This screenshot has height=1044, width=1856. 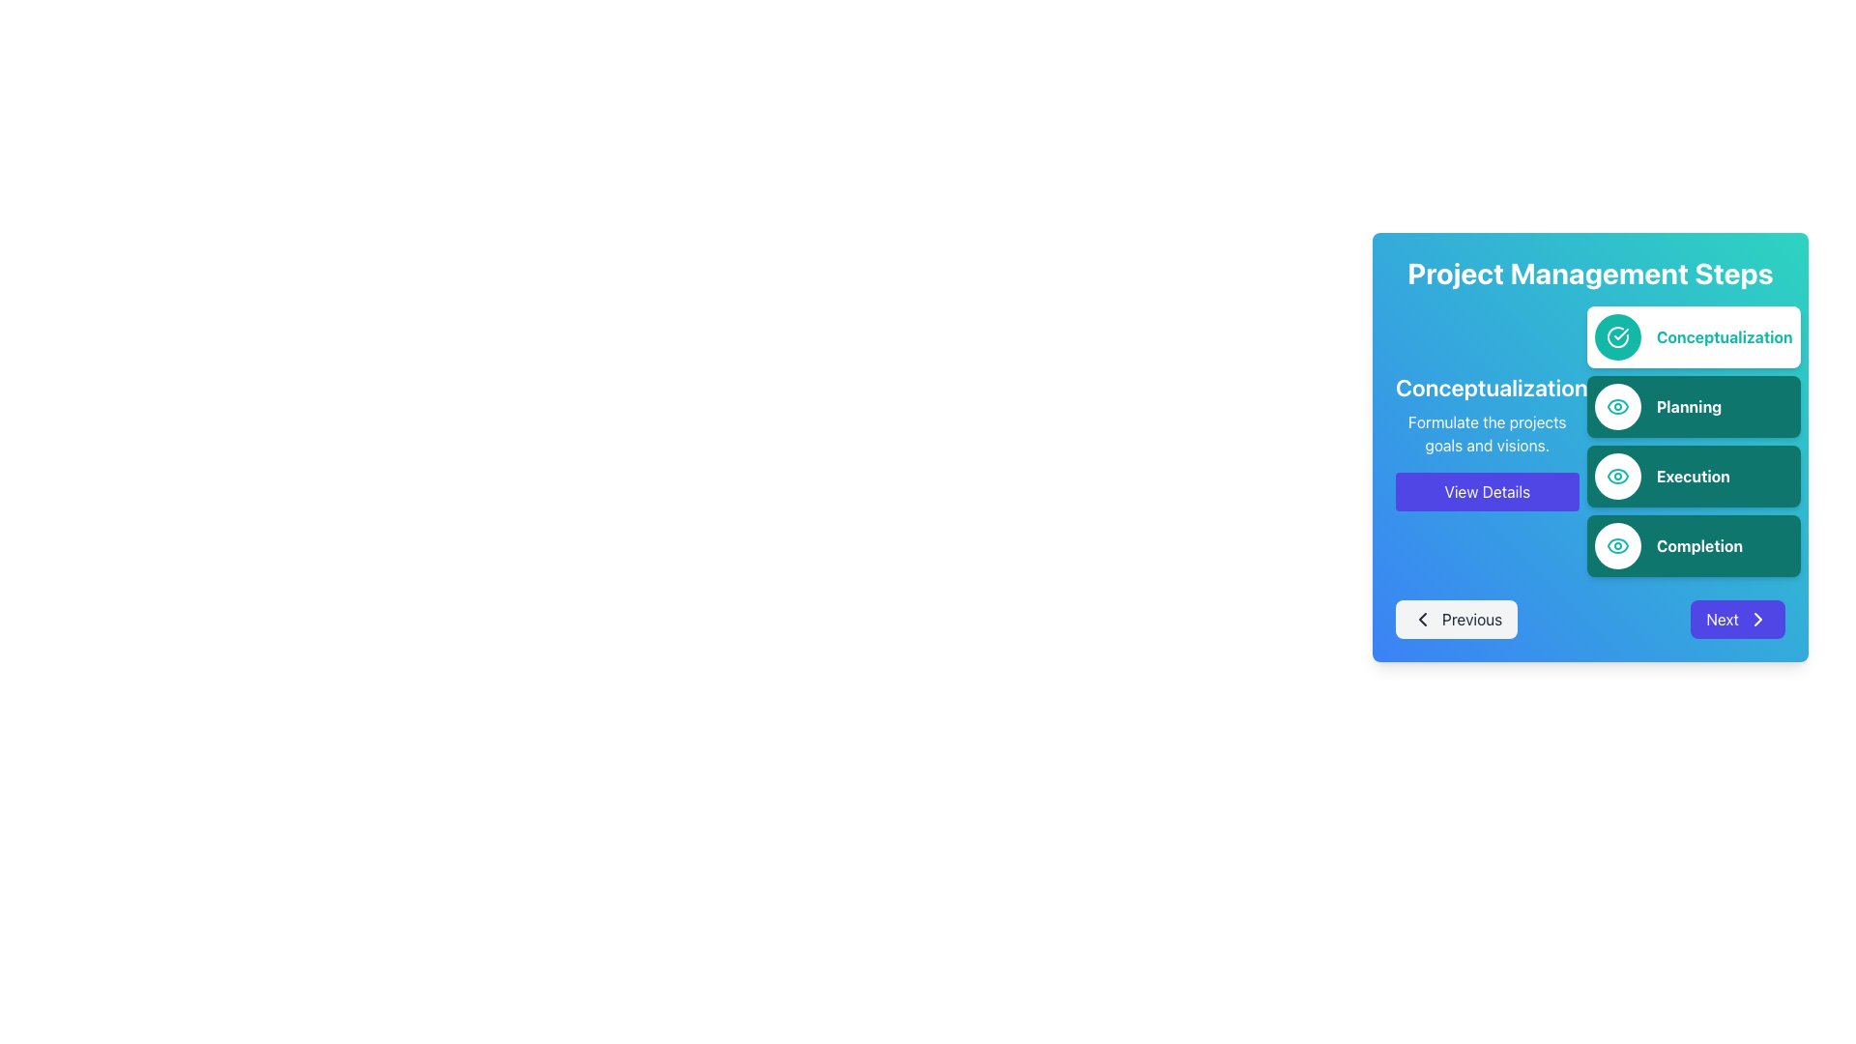 What do you see at coordinates (1617, 545) in the screenshot?
I see `the eye-shaped SVG icon outlined in teal, which is part of the fourth button labeled 'Completion' in the vertical button group on the right side of the interface` at bounding box center [1617, 545].